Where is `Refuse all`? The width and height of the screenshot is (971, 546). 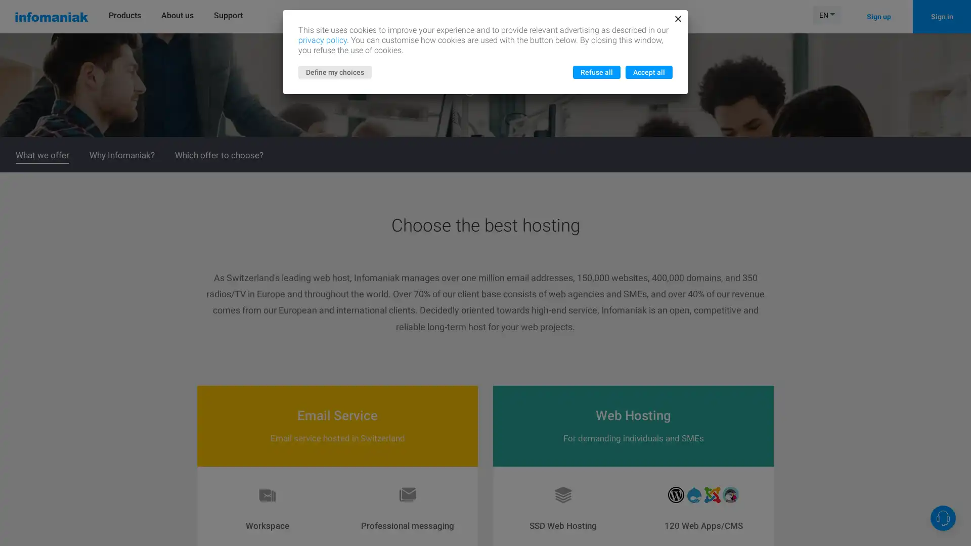
Refuse all is located at coordinates (597, 71).